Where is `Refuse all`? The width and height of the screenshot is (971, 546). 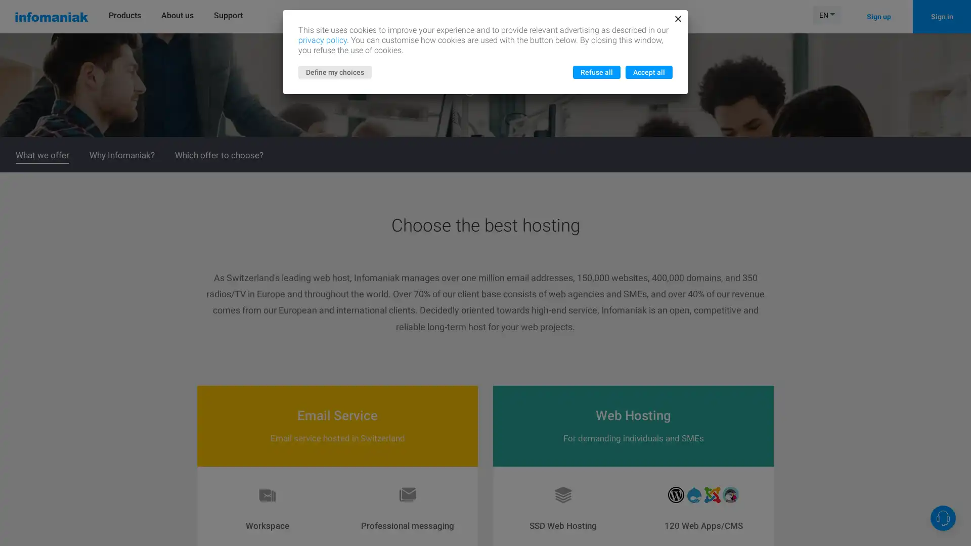
Refuse all is located at coordinates (597, 71).